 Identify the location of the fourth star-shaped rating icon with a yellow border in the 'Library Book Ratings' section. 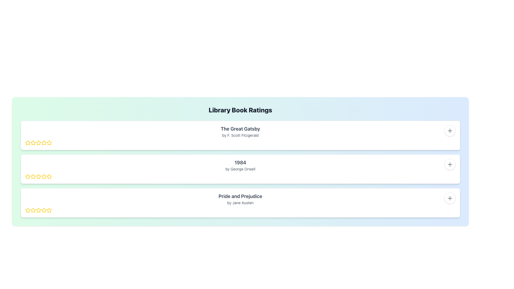
(44, 142).